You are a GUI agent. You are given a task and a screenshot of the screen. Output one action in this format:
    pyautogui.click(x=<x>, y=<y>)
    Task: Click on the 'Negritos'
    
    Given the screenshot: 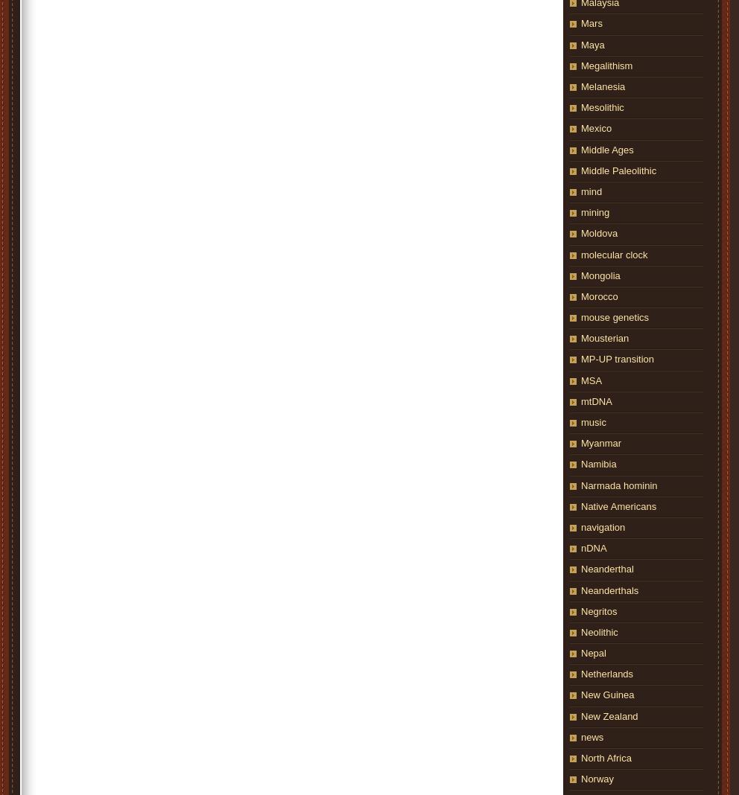 What is the action you would take?
    pyautogui.click(x=599, y=610)
    